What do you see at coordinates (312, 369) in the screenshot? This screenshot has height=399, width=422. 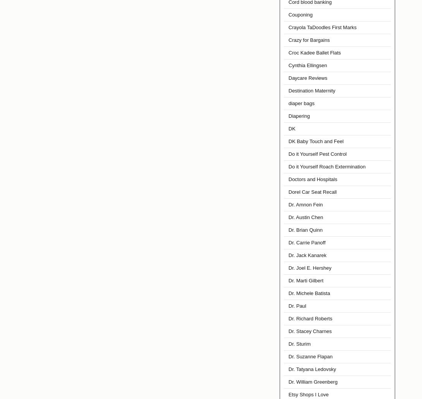 I see `'Dr. Tatyana Ledovsky'` at bounding box center [312, 369].